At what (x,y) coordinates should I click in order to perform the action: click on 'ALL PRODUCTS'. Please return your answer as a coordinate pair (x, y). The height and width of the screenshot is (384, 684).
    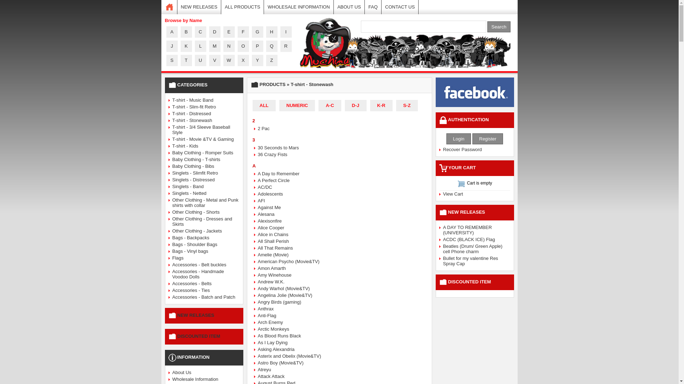
    Looking at the image, I should click on (243, 7).